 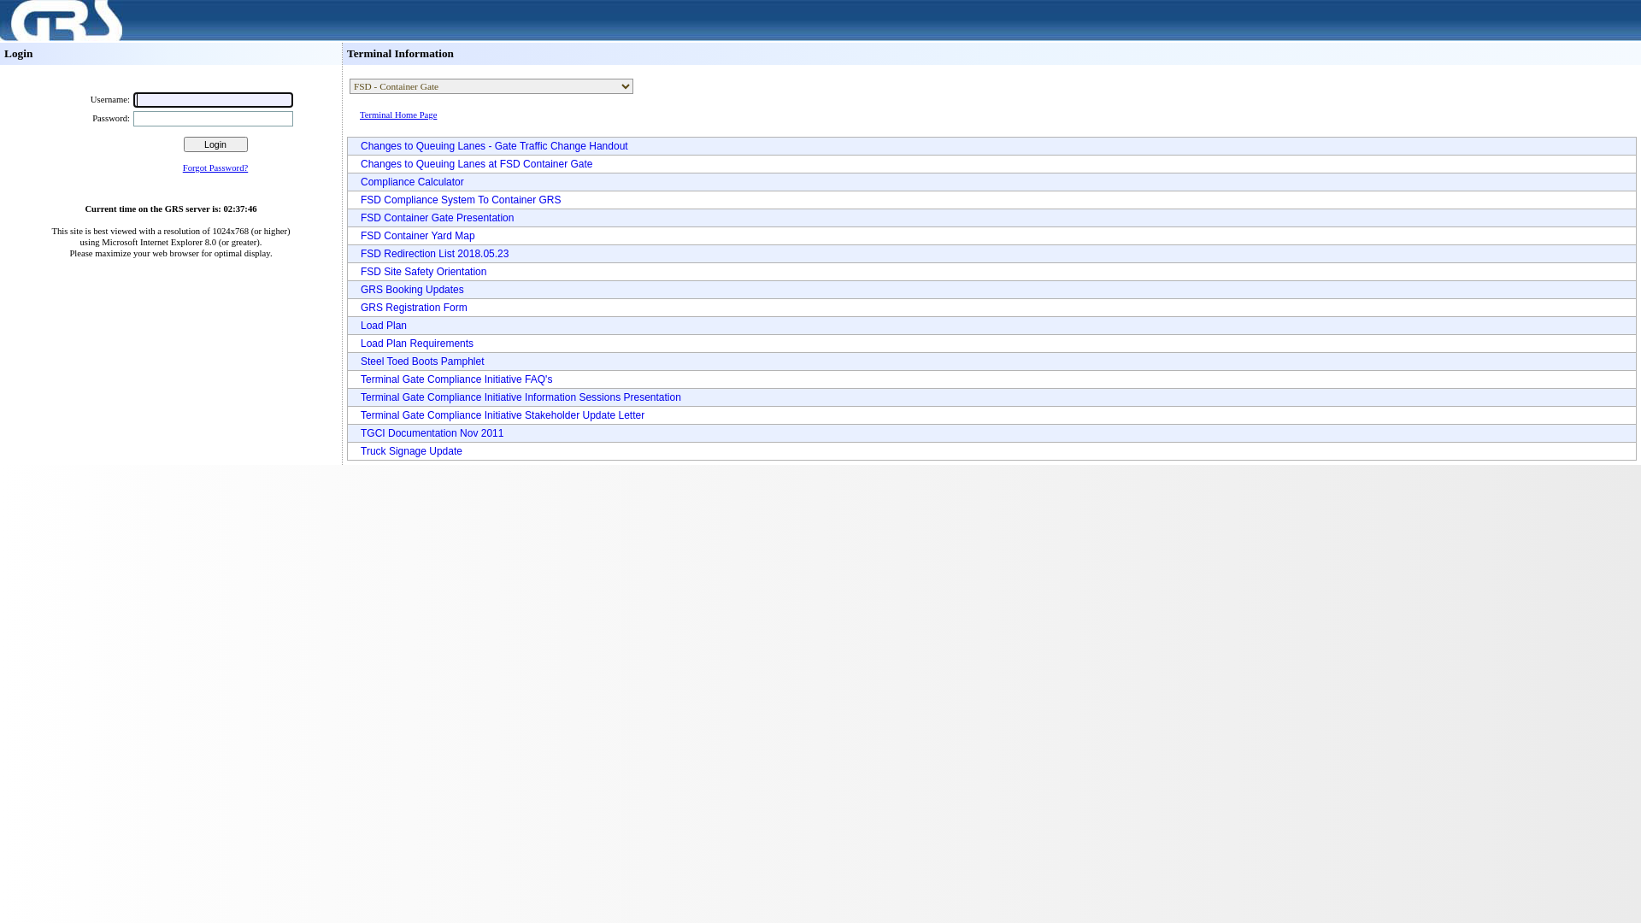 I want to click on 'FSD Redirection List 2018.05.23', so click(x=430, y=254).